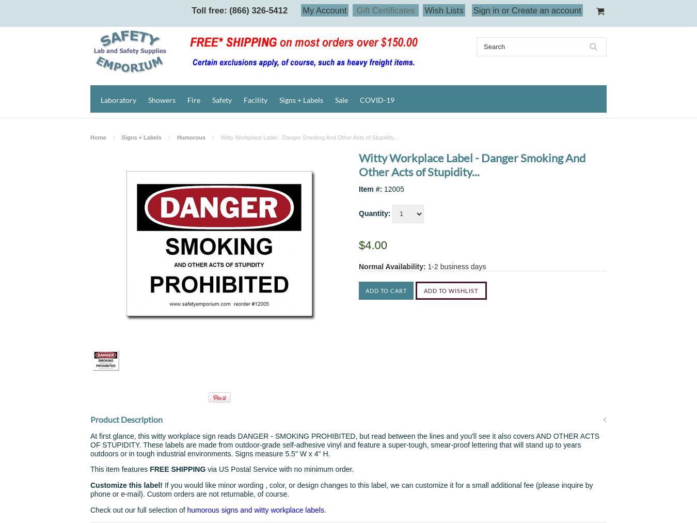 This screenshot has width=697, height=523. I want to click on 'Facility', so click(255, 100).